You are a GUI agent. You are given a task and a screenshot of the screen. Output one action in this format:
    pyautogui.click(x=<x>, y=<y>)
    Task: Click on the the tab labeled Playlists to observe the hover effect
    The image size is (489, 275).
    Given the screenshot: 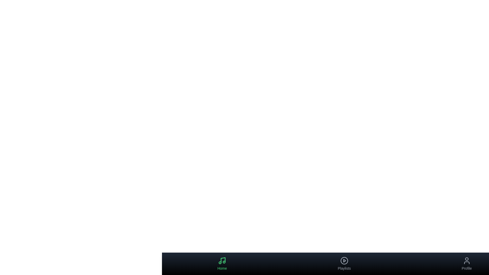 What is the action you would take?
    pyautogui.click(x=344, y=264)
    